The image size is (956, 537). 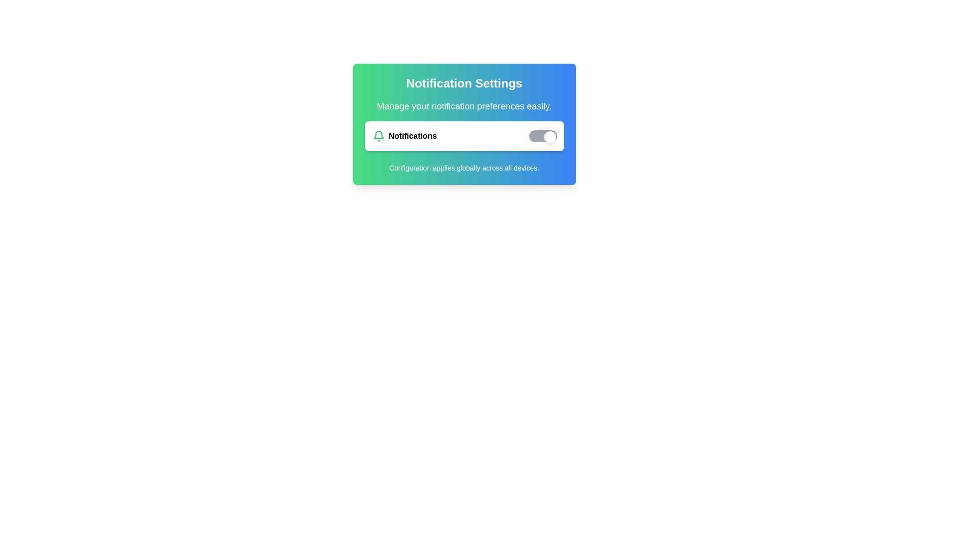 I want to click on the text label that reads 'Manage your notification preferences easily.' which is positioned prominently within a card below 'Notification Settings' and above the toggle switch for notifications, so click(x=464, y=106).